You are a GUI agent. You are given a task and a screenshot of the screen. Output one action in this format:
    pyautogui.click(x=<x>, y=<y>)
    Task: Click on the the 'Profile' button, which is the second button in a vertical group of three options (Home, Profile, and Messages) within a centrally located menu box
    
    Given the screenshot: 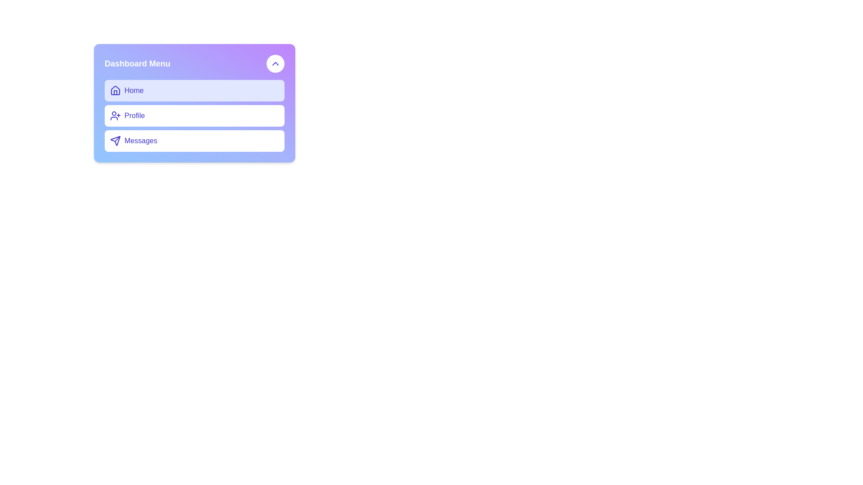 What is the action you would take?
    pyautogui.click(x=194, y=115)
    